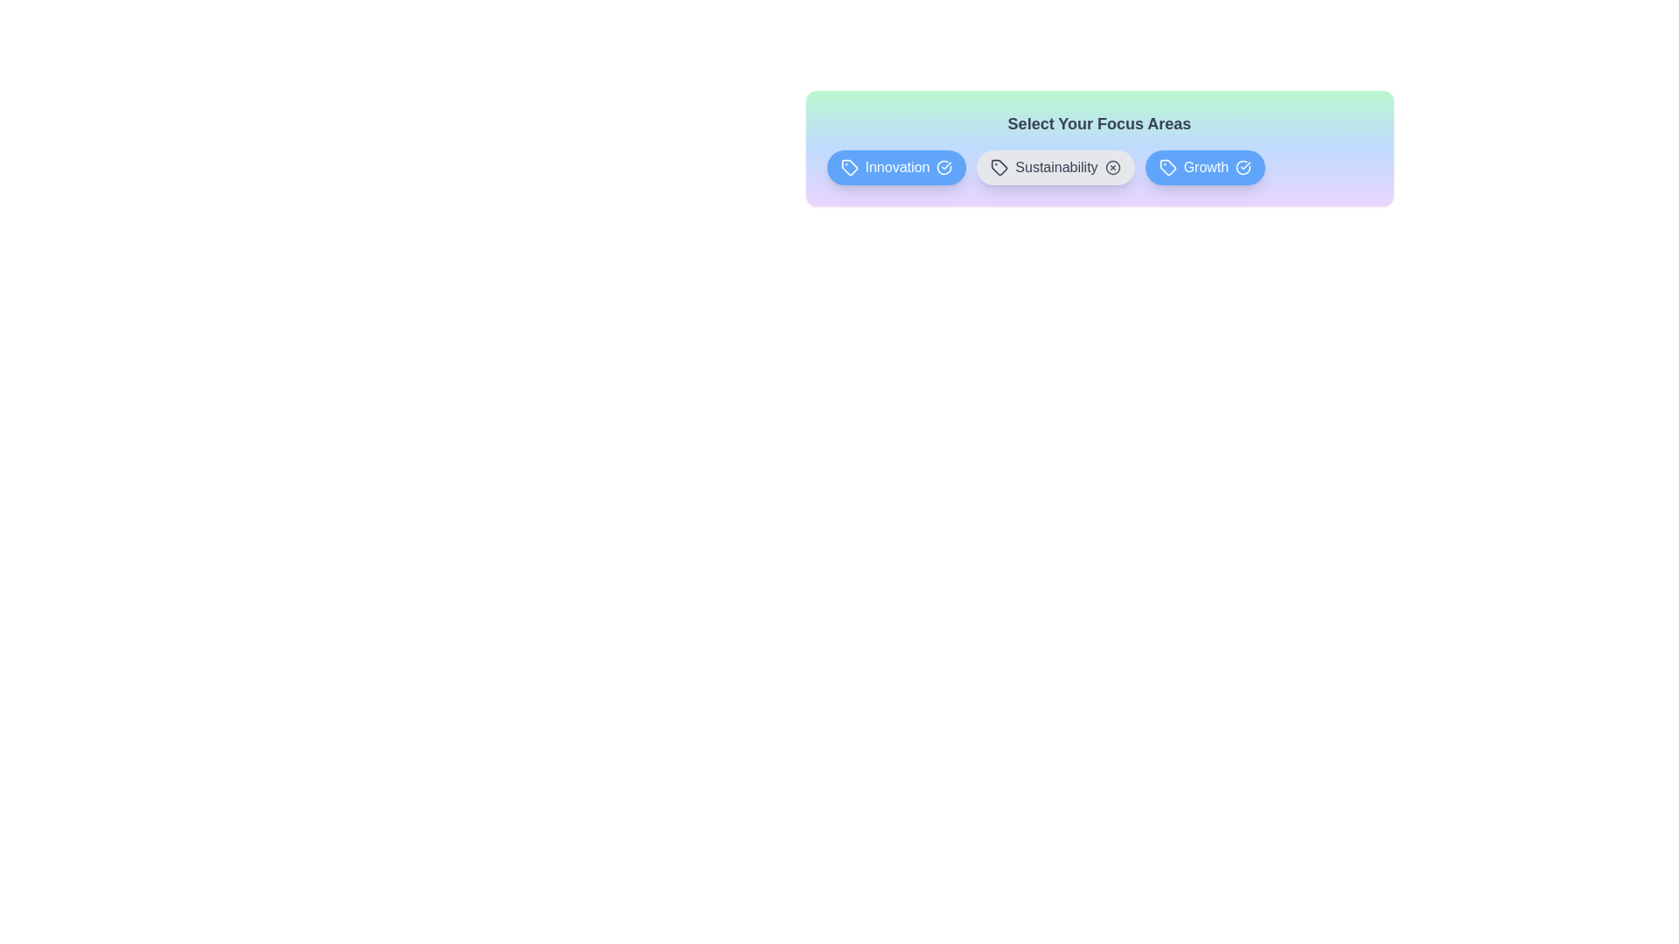 The image size is (1679, 944). I want to click on the tag Innovation, so click(896, 168).